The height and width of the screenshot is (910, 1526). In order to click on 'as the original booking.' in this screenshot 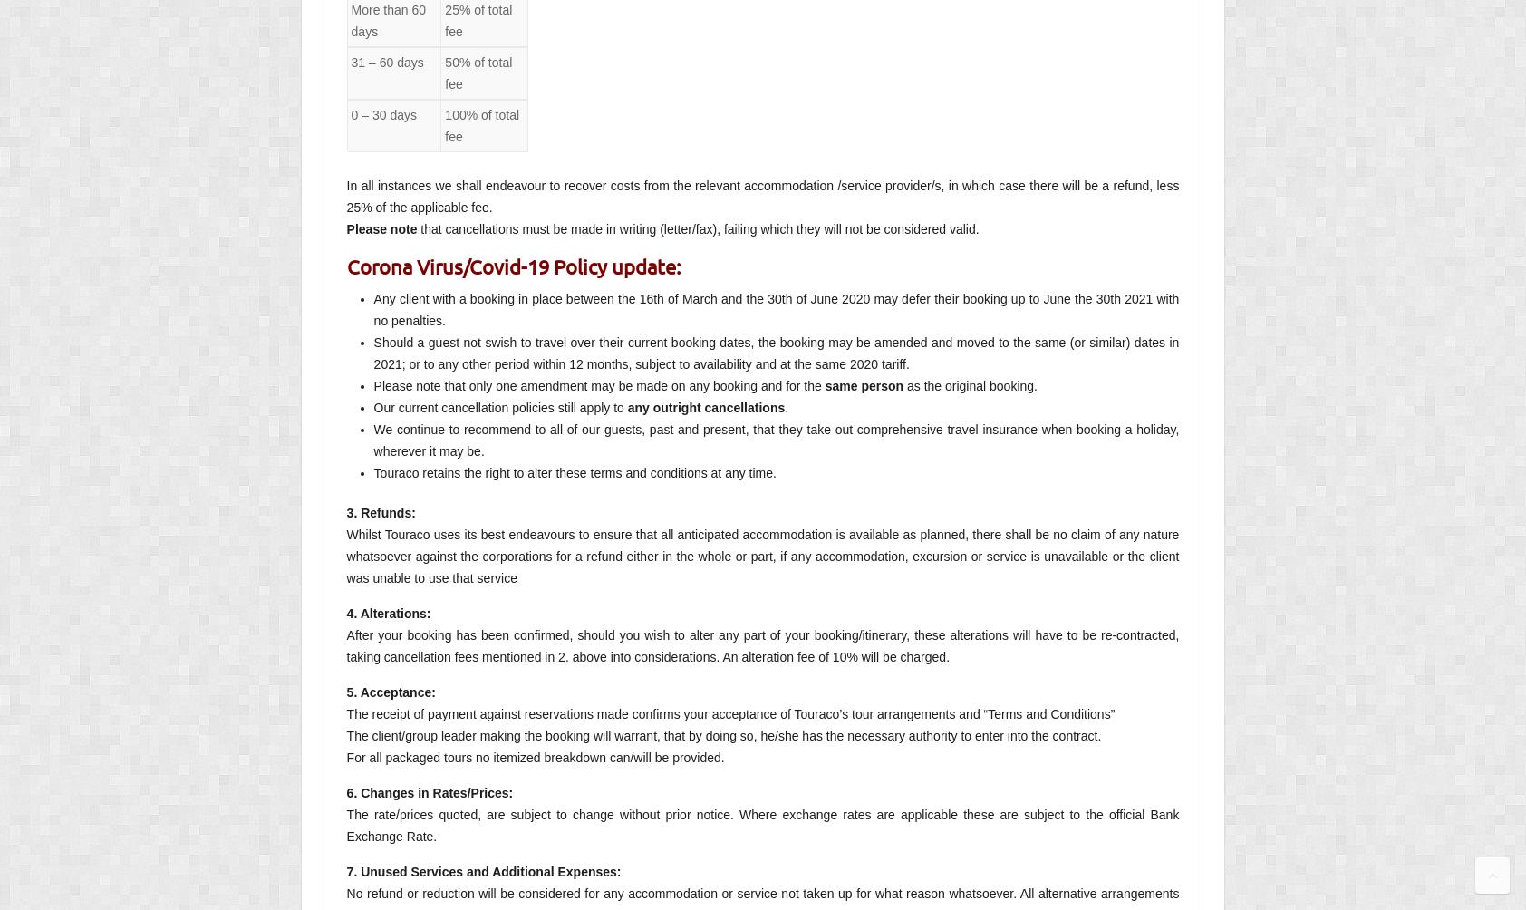, I will do `click(970, 384)`.